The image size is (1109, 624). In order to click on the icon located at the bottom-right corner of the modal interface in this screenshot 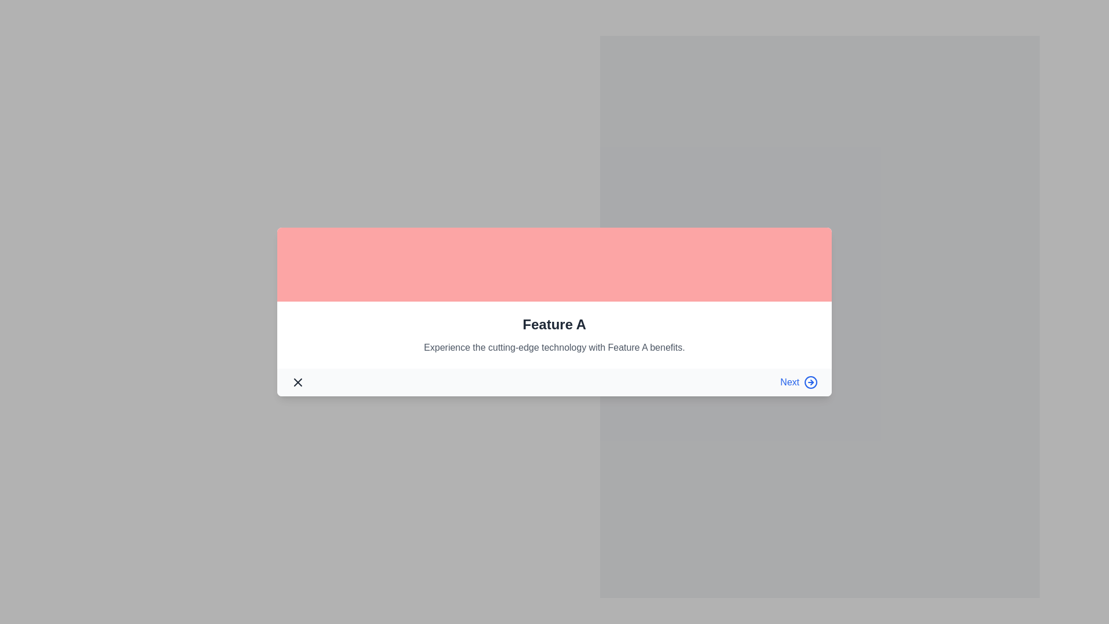, I will do `click(810, 382)`.